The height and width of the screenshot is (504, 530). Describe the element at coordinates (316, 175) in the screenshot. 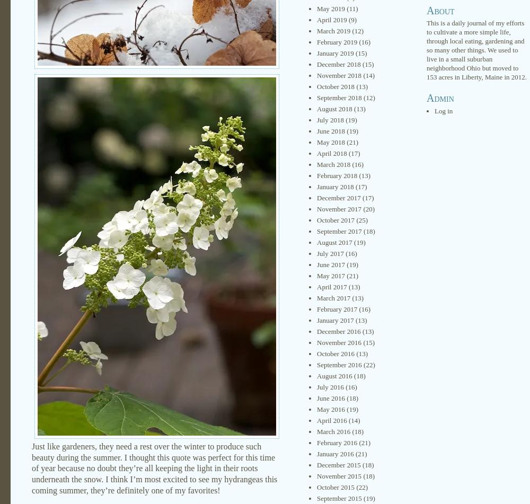

I see `'February 2018'` at that location.